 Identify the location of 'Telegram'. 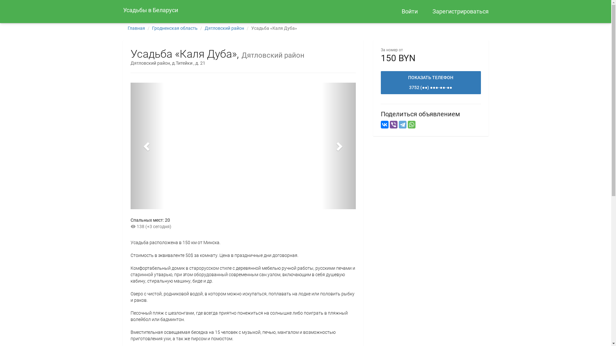
(398, 125).